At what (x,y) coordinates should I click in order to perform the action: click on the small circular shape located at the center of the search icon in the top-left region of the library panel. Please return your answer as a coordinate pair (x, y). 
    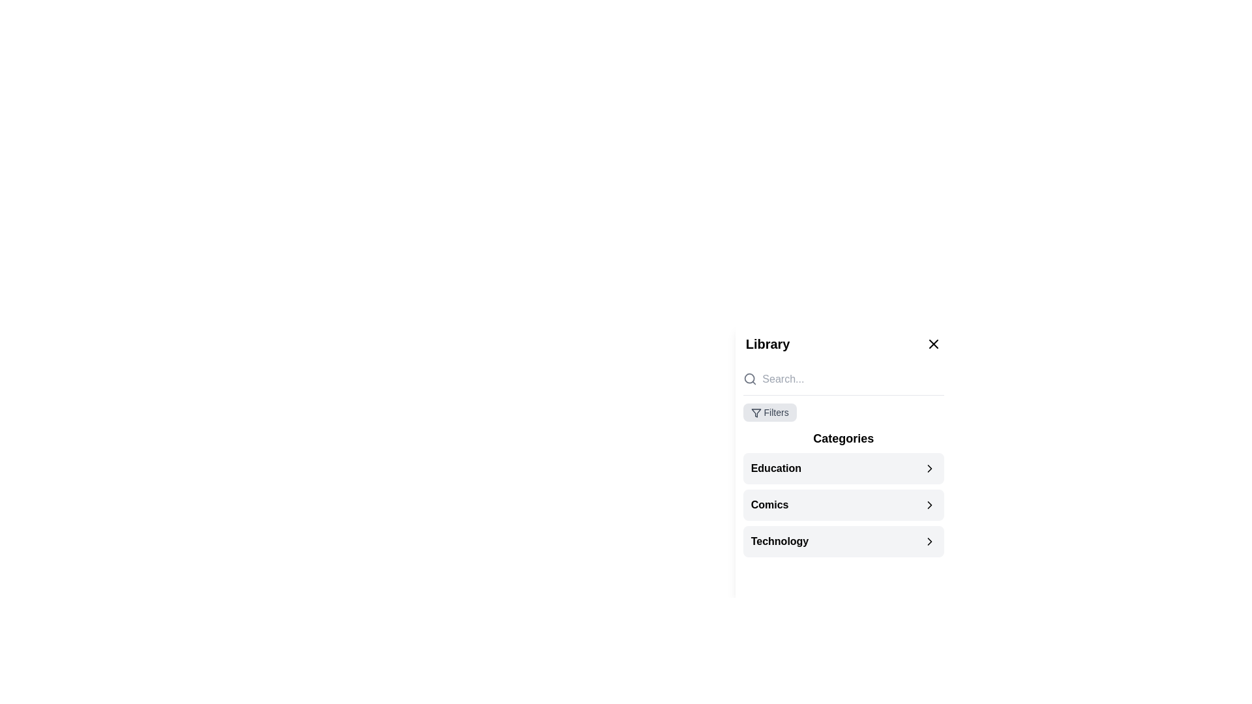
    Looking at the image, I should click on (749, 379).